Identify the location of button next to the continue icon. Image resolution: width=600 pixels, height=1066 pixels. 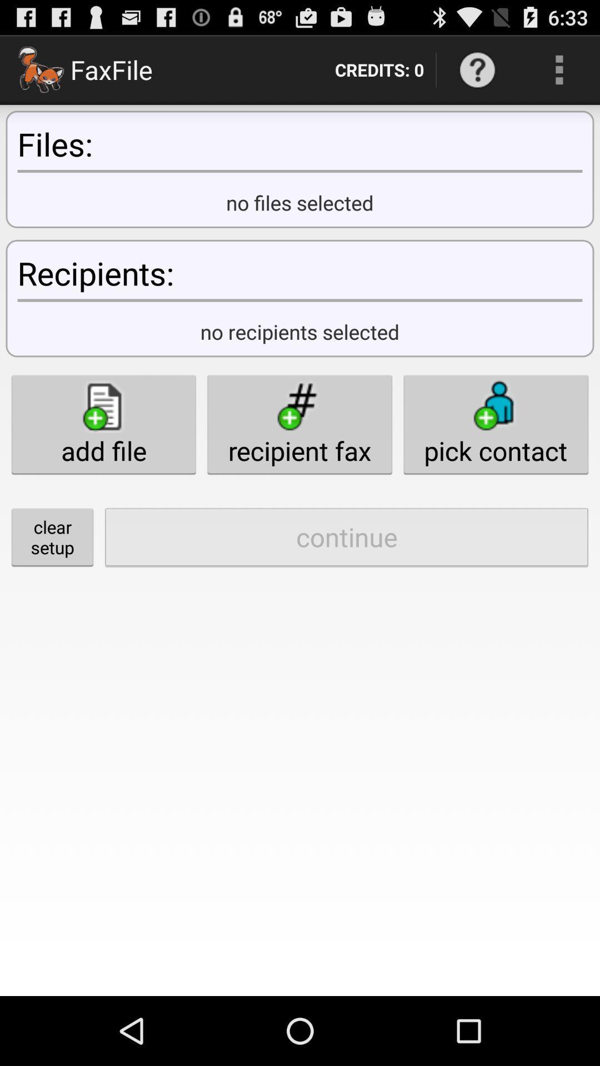
(52, 537).